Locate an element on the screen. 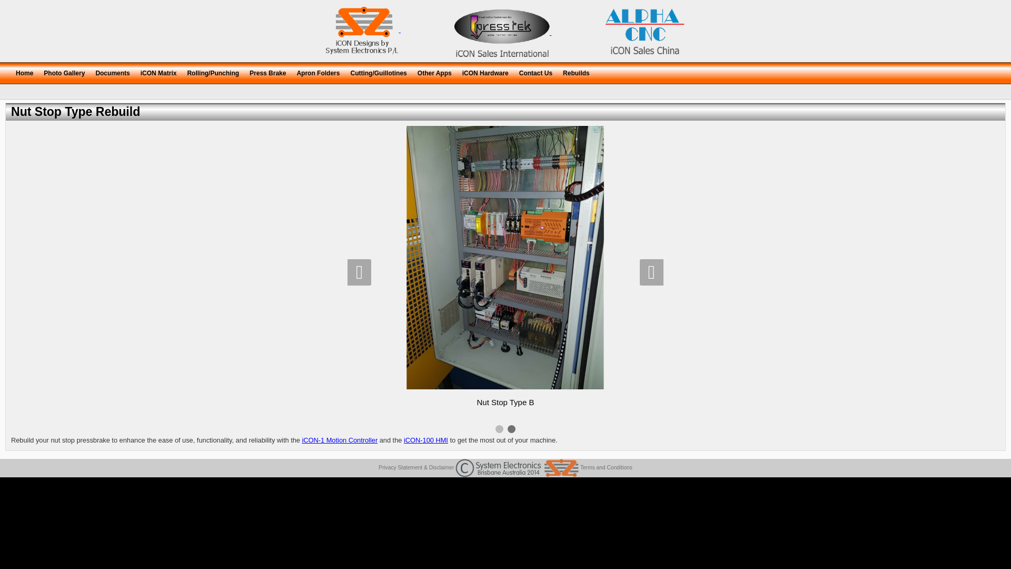 The width and height of the screenshot is (1011, 569). 'Cutting/Guillotines' is located at coordinates (378, 71).